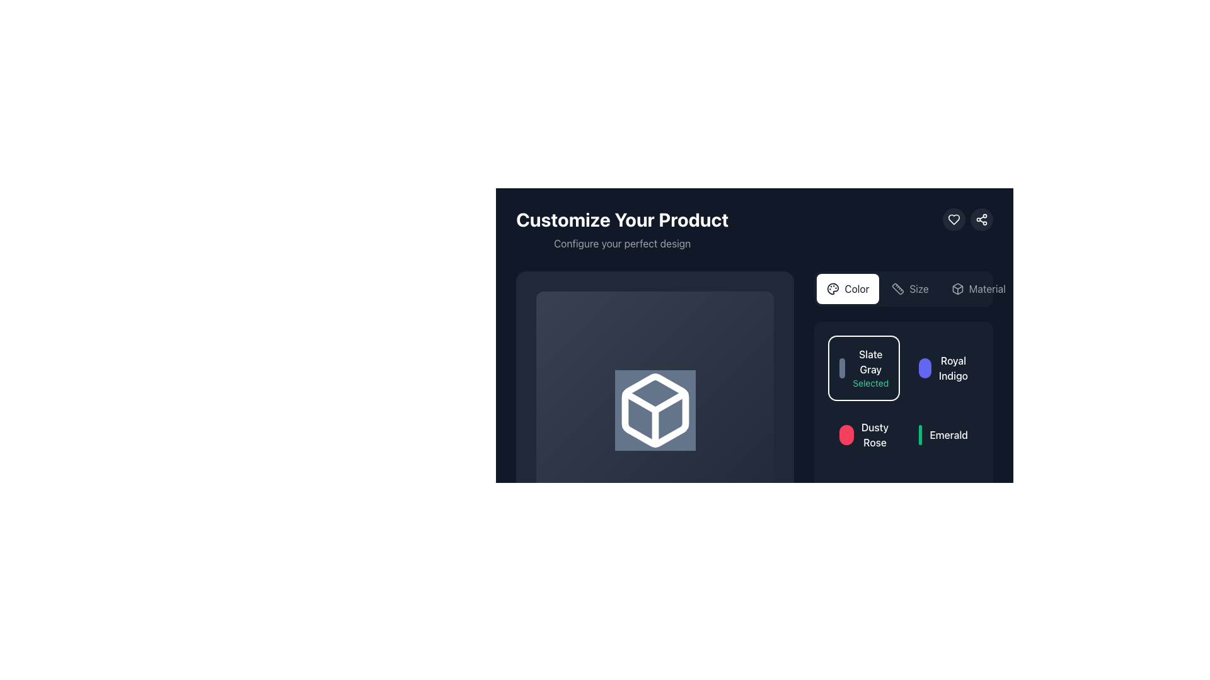 Image resolution: width=1210 pixels, height=680 pixels. What do you see at coordinates (954, 218) in the screenshot?
I see `the heart icon located in the upper right corner of the interface` at bounding box center [954, 218].